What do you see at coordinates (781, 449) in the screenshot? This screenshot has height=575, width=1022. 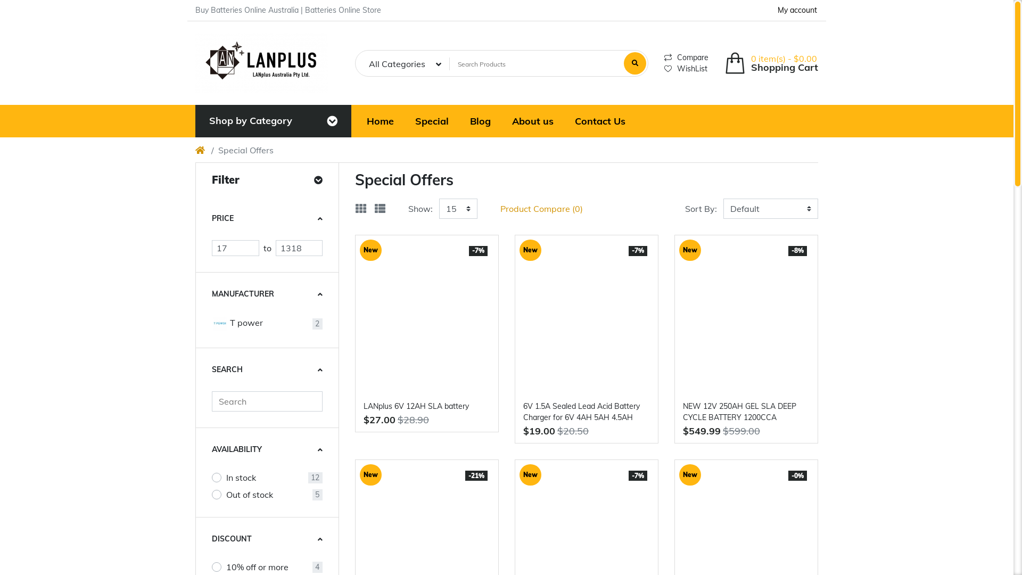 I see `'Compare this Product'` at bounding box center [781, 449].